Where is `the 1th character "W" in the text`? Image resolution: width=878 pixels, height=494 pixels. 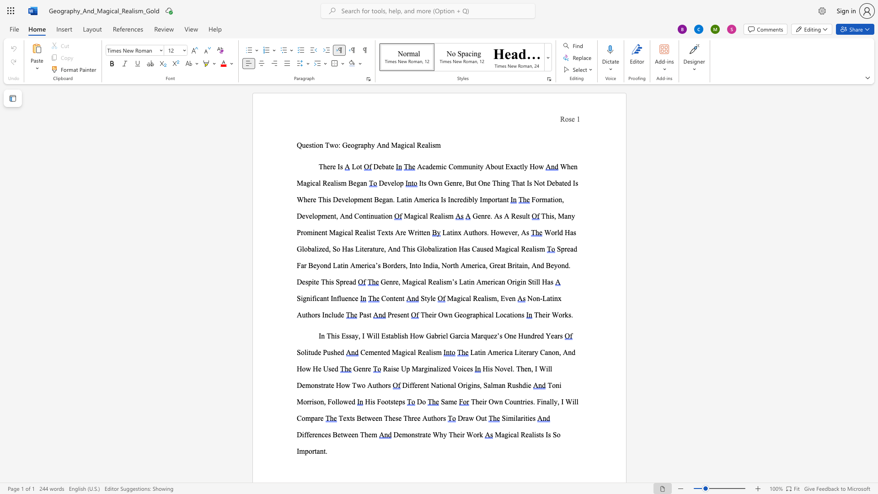 the 1th character "W" in the text is located at coordinates (555, 314).